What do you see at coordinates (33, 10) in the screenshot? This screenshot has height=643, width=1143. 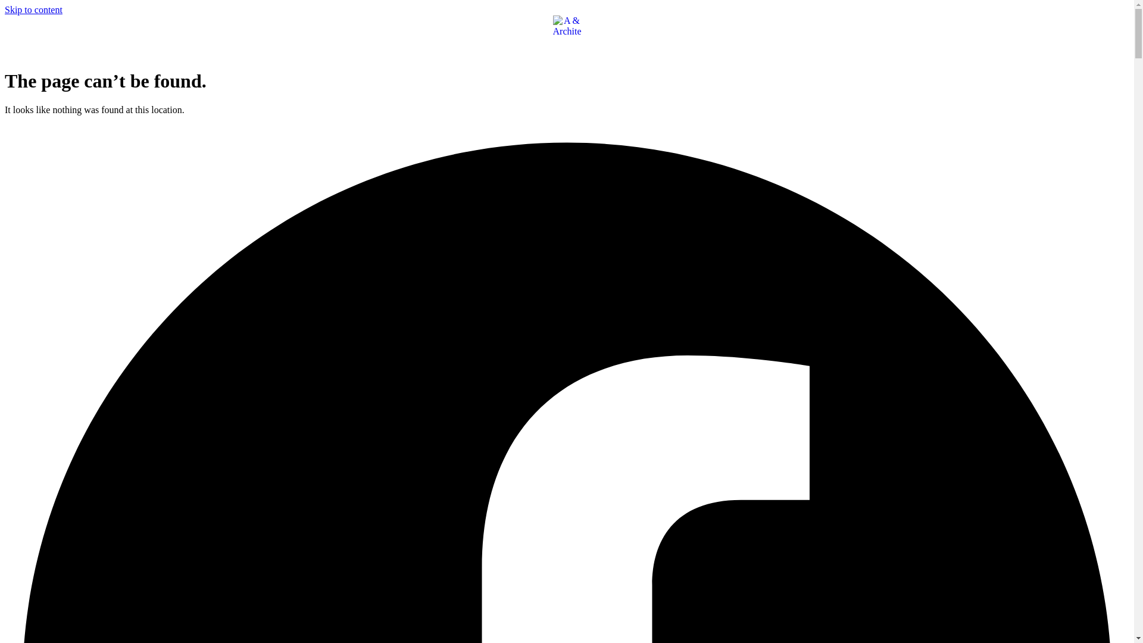 I see `'Skip to content'` at bounding box center [33, 10].